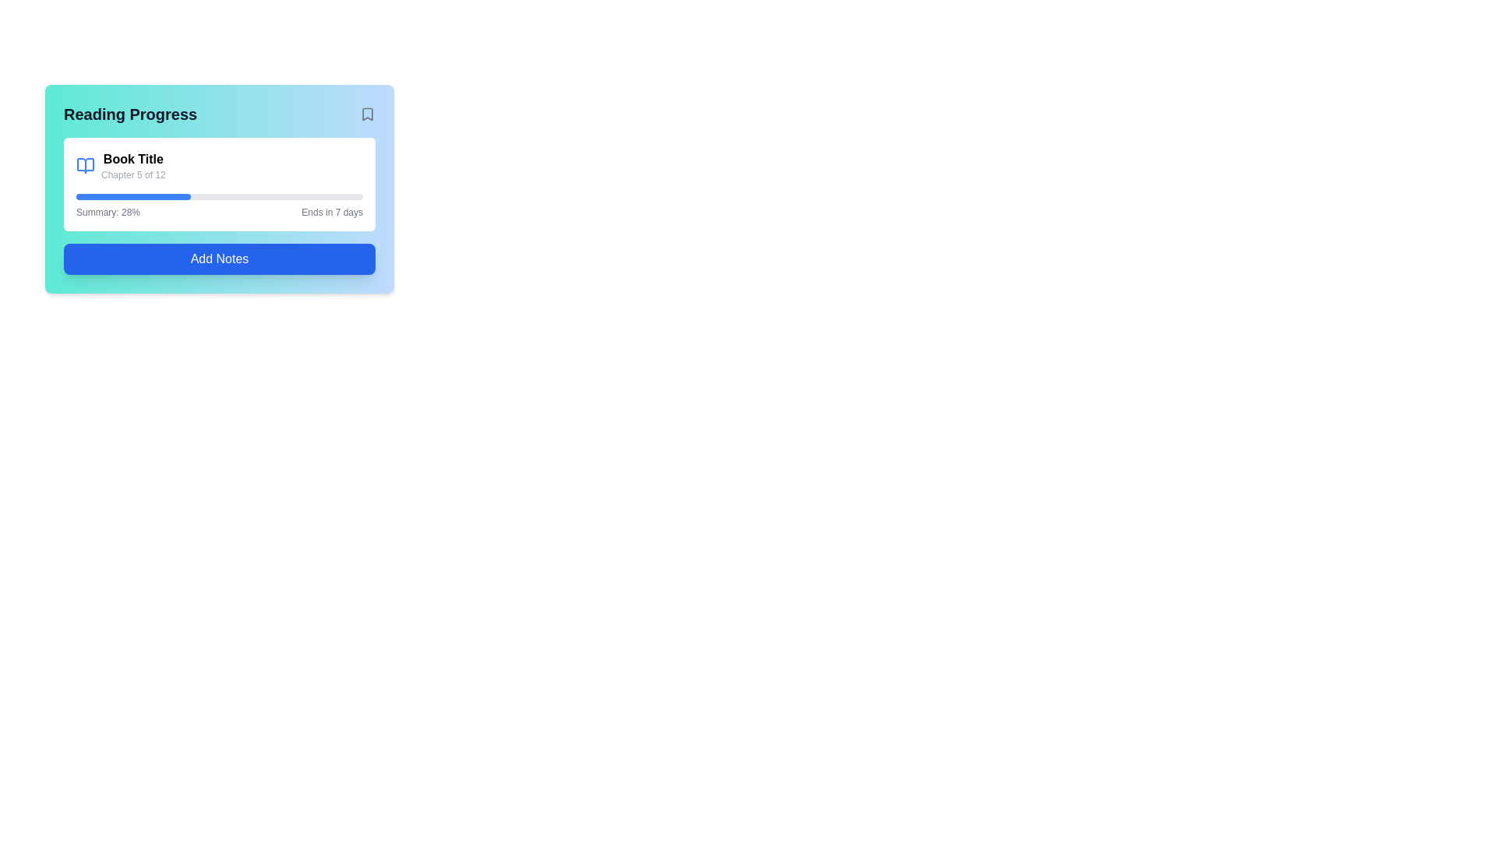 The width and height of the screenshot is (1496, 841). Describe the element at coordinates (219, 196) in the screenshot. I see `the horizontal progress bar indicating reading progress, which is located below 'Chapter 5 of 12' and above the summary section` at that location.